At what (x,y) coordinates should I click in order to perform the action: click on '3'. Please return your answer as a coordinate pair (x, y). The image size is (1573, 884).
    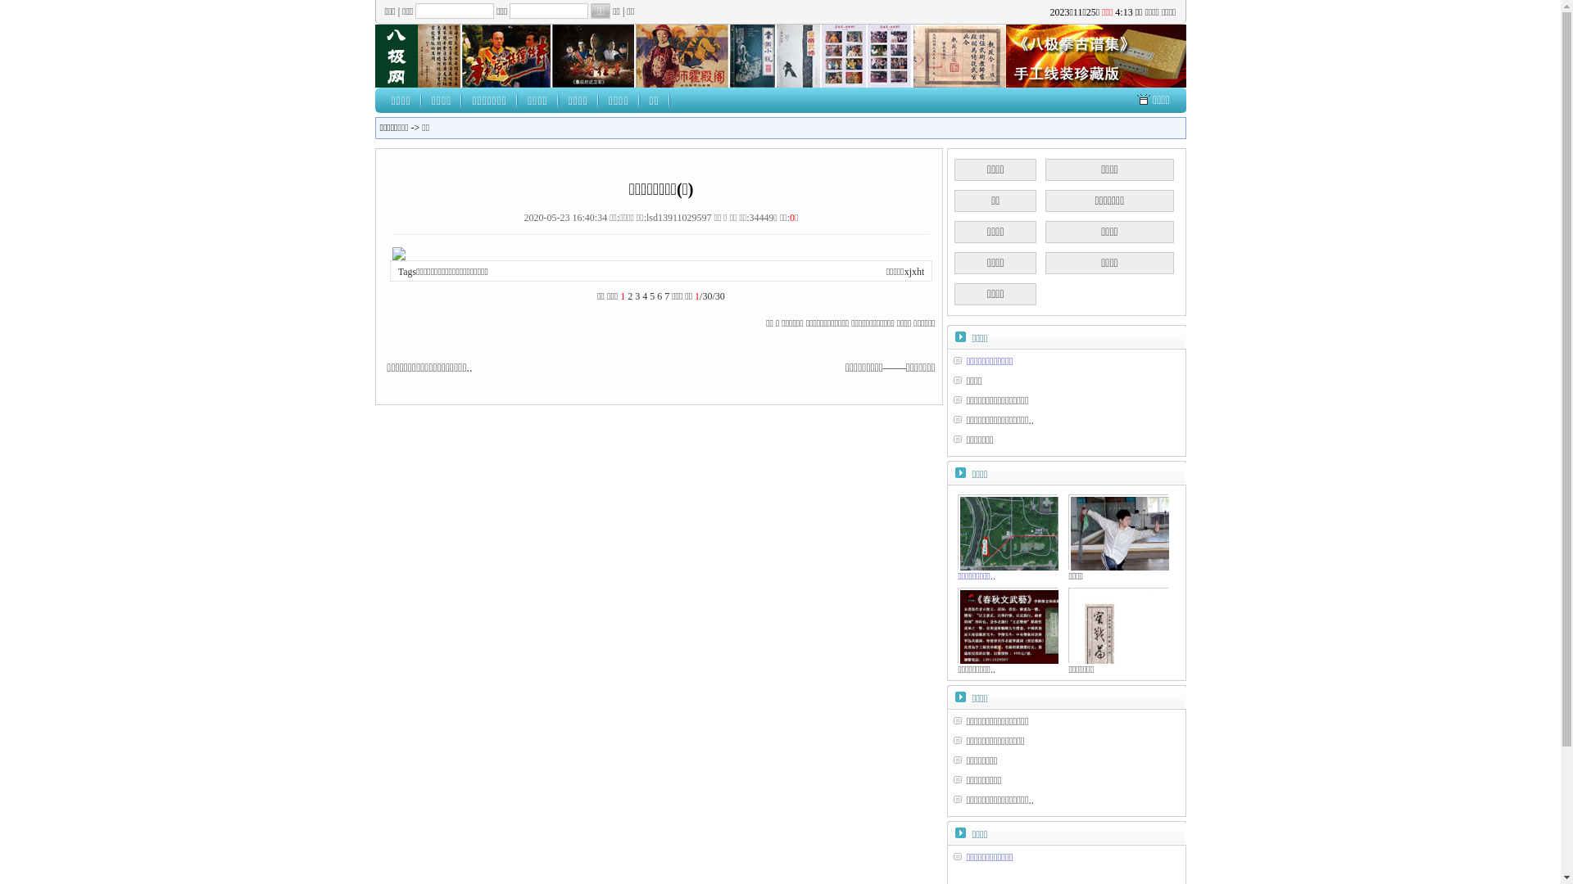
    Looking at the image, I should click on (633, 296).